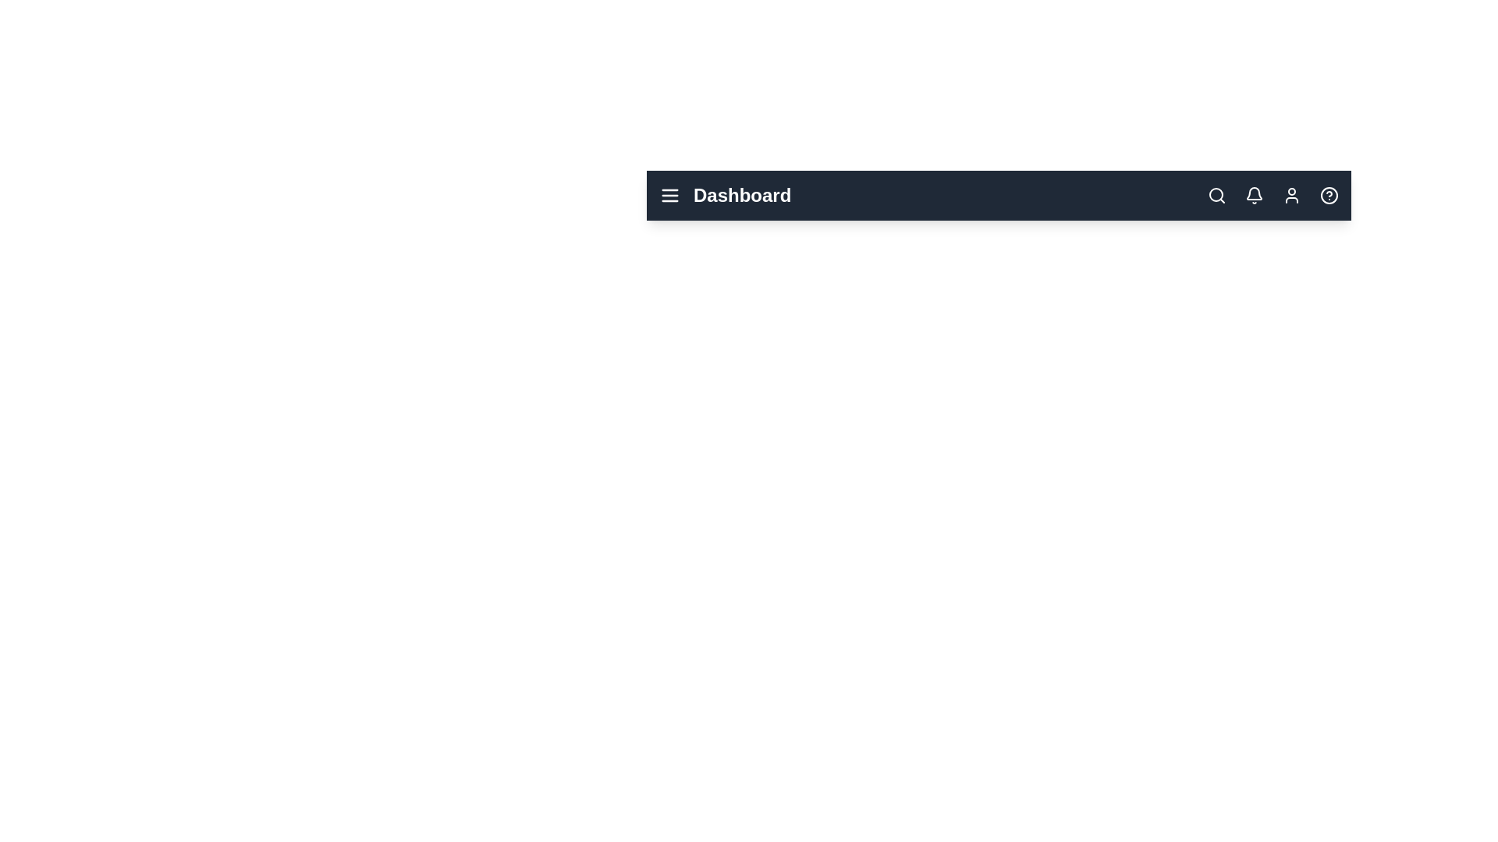 This screenshot has height=842, width=1498. What do you see at coordinates (1255, 194) in the screenshot?
I see `the notification bell icon to view notifications` at bounding box center [1255, 194].